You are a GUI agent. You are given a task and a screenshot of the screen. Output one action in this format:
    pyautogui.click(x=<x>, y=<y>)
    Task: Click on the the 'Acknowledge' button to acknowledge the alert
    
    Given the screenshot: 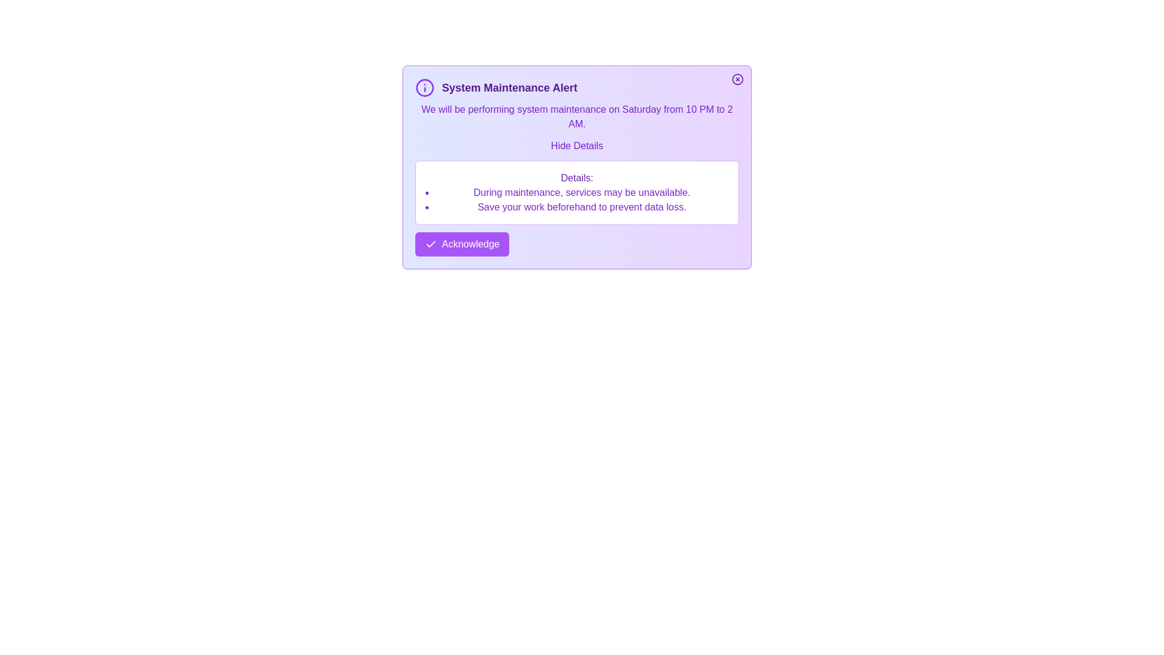 What is the action you would take?
    pyautogui.click(x=461, y=244)
    